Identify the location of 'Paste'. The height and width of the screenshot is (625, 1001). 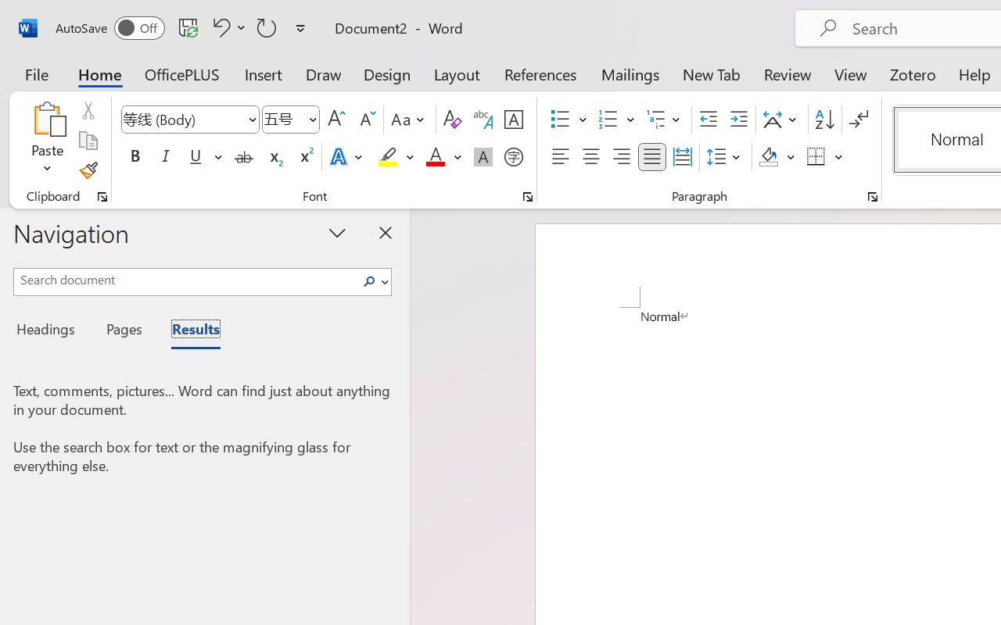
(47, 140).